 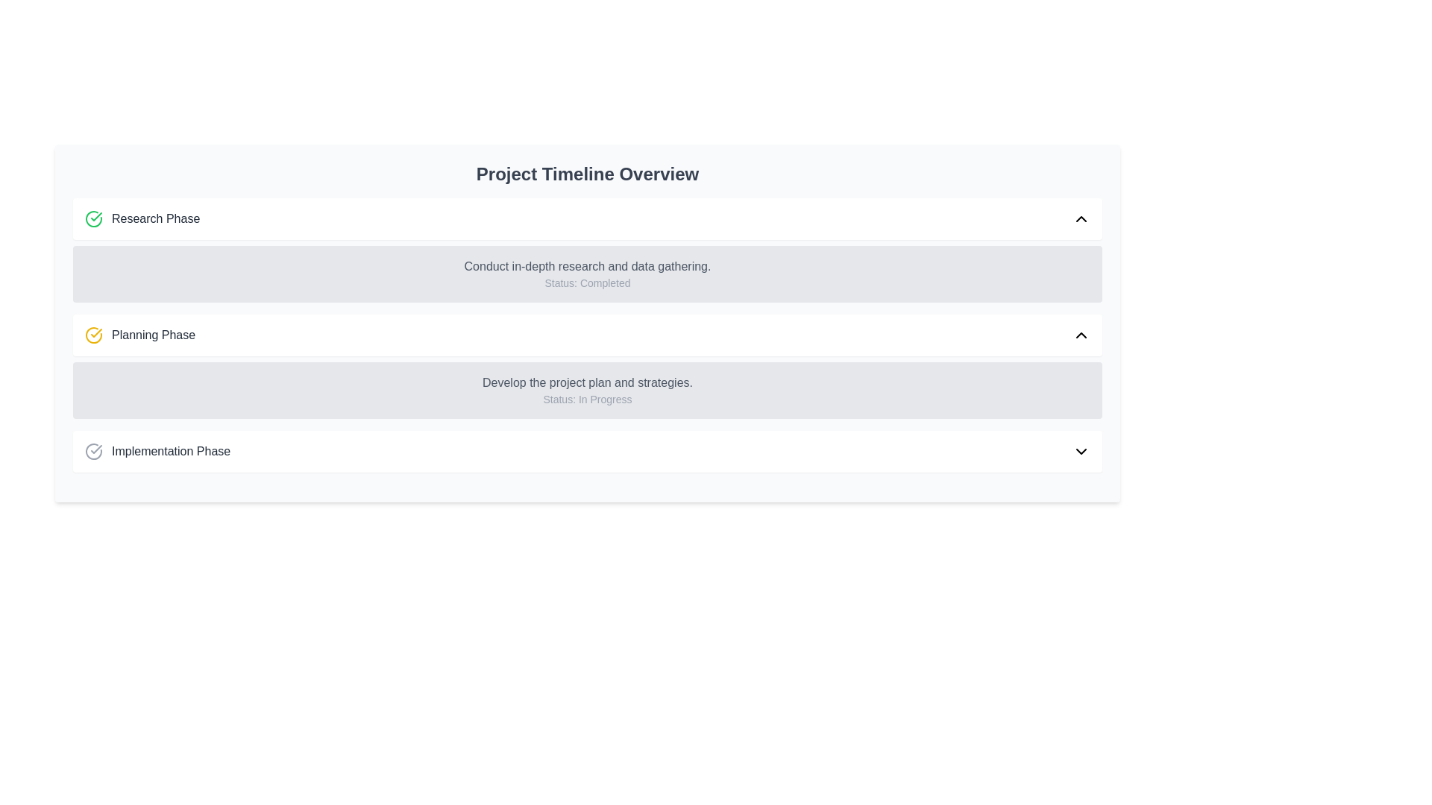 What do you see at coordinates (92, 450) in the screenshot?
I see `the circular gray checkmark icon` at bounding box center [92, 450].